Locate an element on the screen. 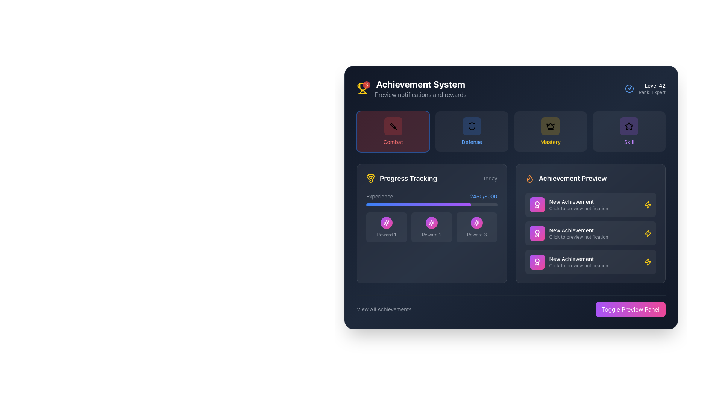 The height and width of the screenshot is (406, 722). the flame-shaped icon, which is orange and positioned to the left of the text 'Achievement Preview' is located at coordinates (529, 178).